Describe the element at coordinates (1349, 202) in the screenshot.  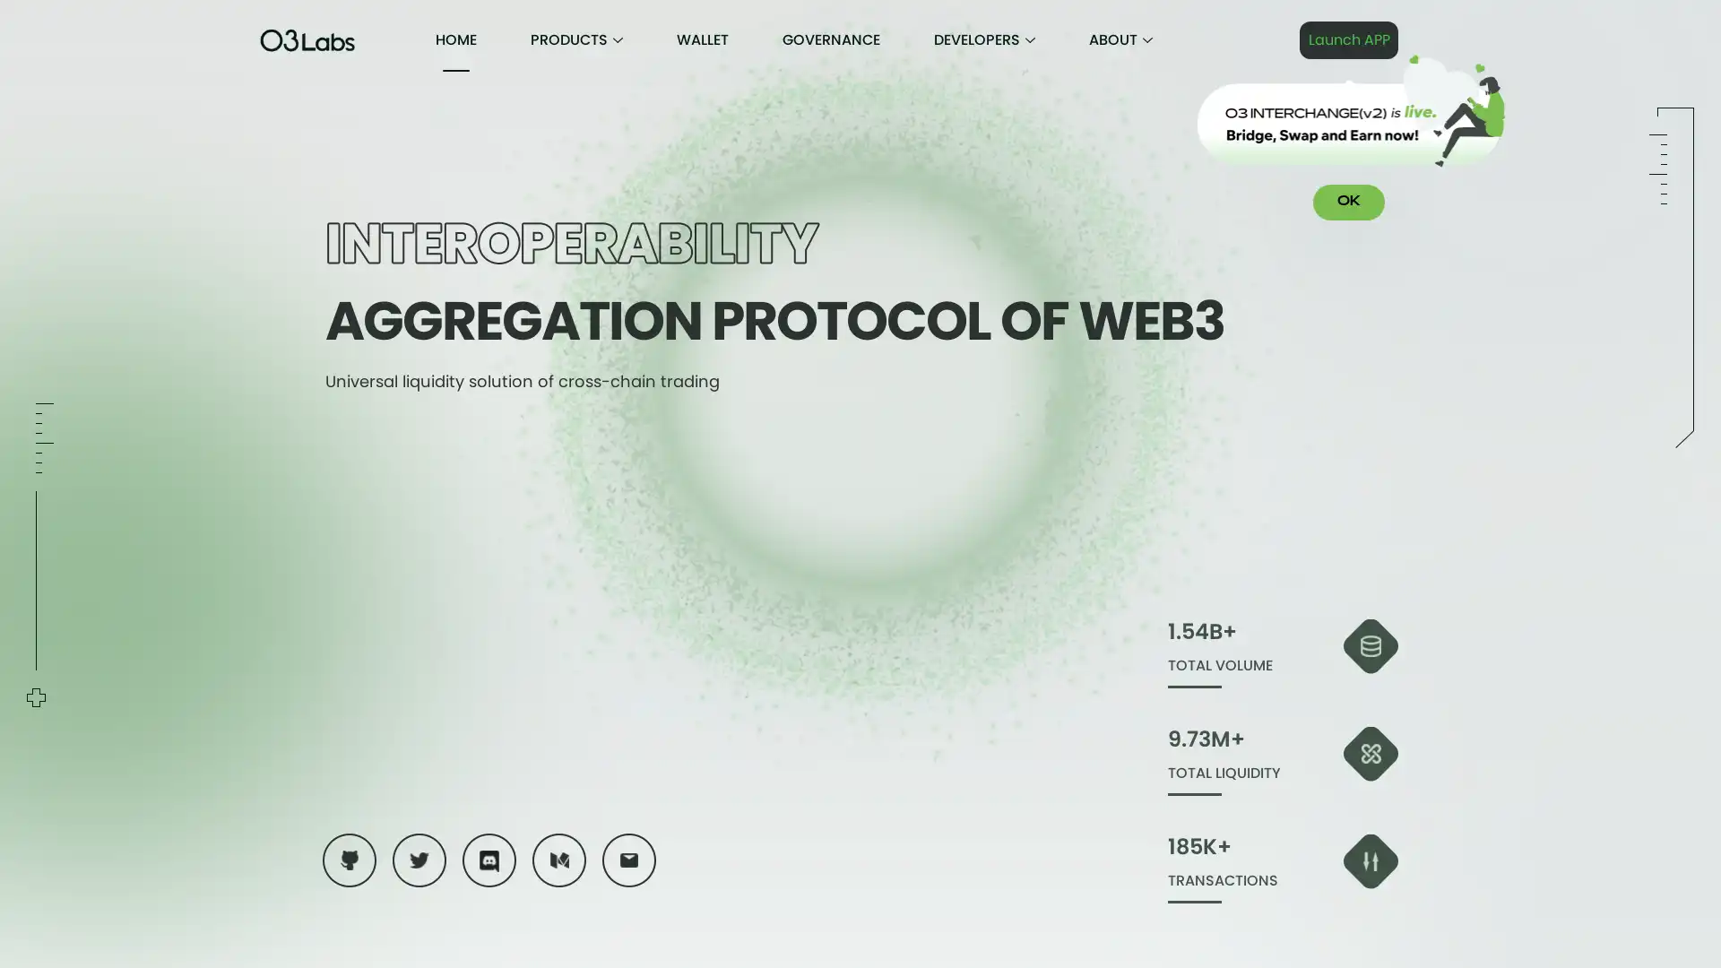
I see `OK` at that location.